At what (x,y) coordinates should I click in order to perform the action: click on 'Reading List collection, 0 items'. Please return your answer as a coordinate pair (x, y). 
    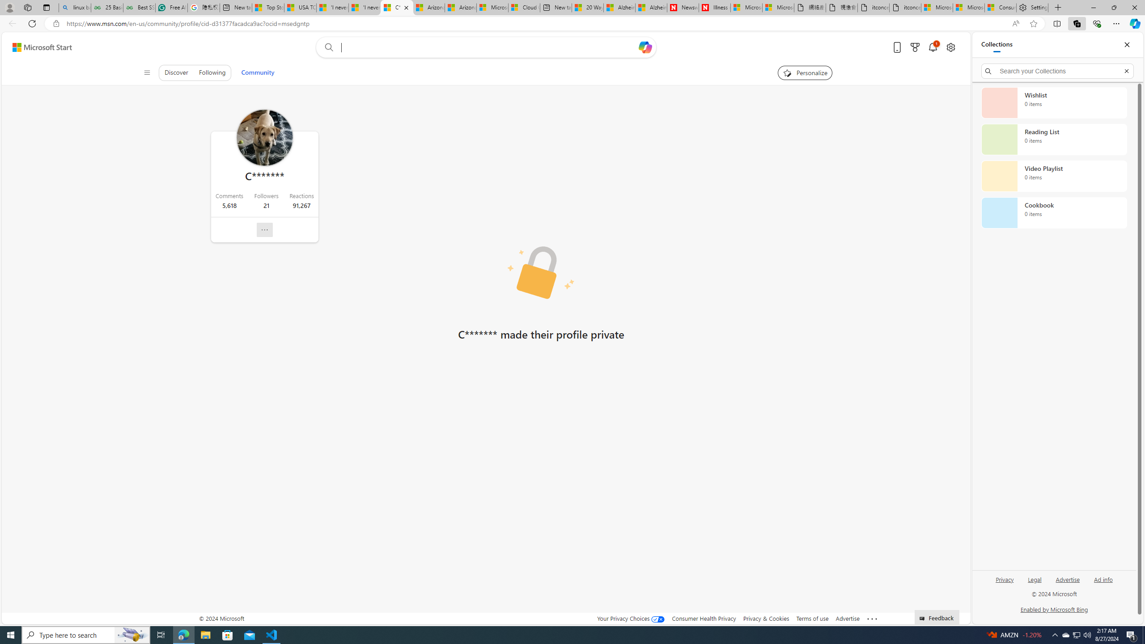
    Looking at the image, I should click on (1054, 139).